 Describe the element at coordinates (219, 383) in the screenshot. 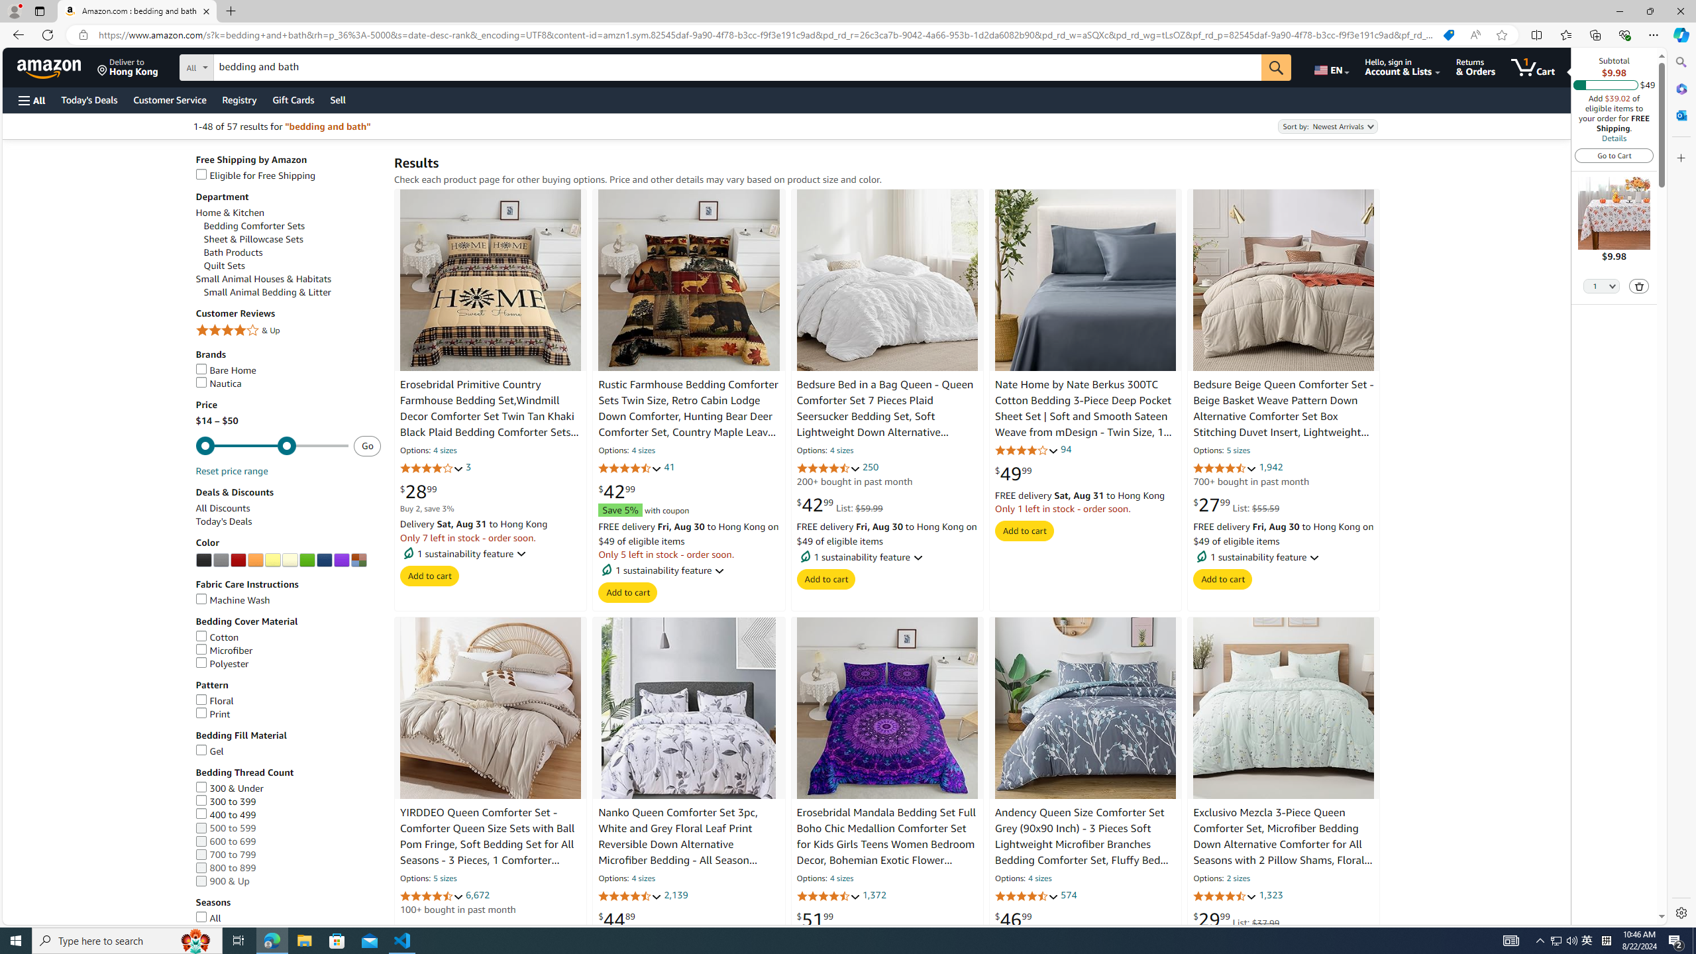

I see `'Nautica'` at that location.